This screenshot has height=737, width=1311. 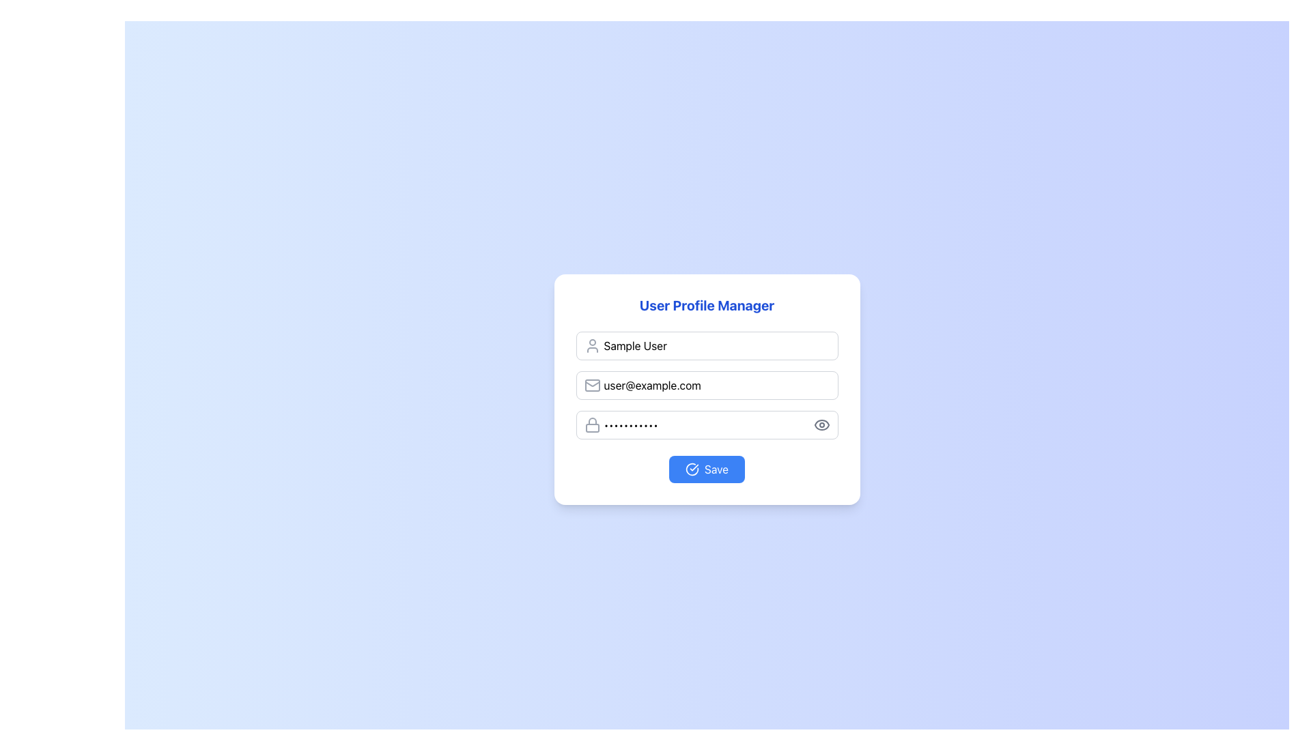 I want to click on the padlock icon, which is a light gray colored icon with a rounded body and a curved shackle, located inside the password input field next to the placeholder text, so click(x=592, y=424).